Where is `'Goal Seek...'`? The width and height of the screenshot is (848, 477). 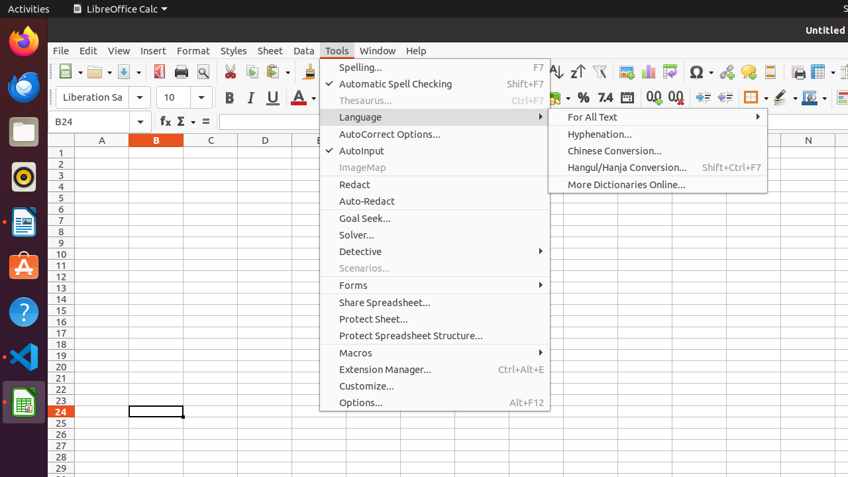 'Goal Seek...' is located at coordinates (435, 217).